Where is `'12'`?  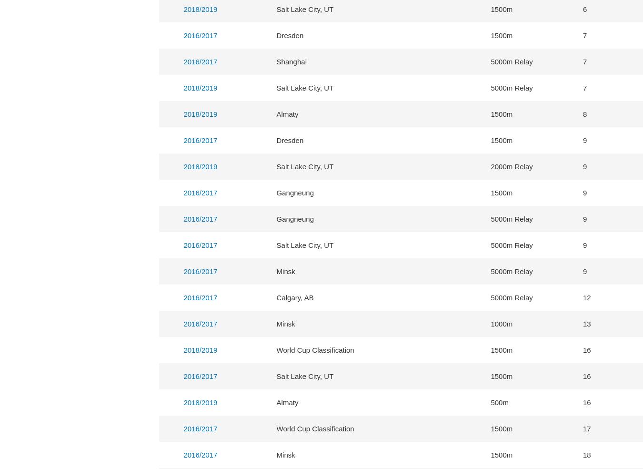
'12' is located at coordinates (586, 297).